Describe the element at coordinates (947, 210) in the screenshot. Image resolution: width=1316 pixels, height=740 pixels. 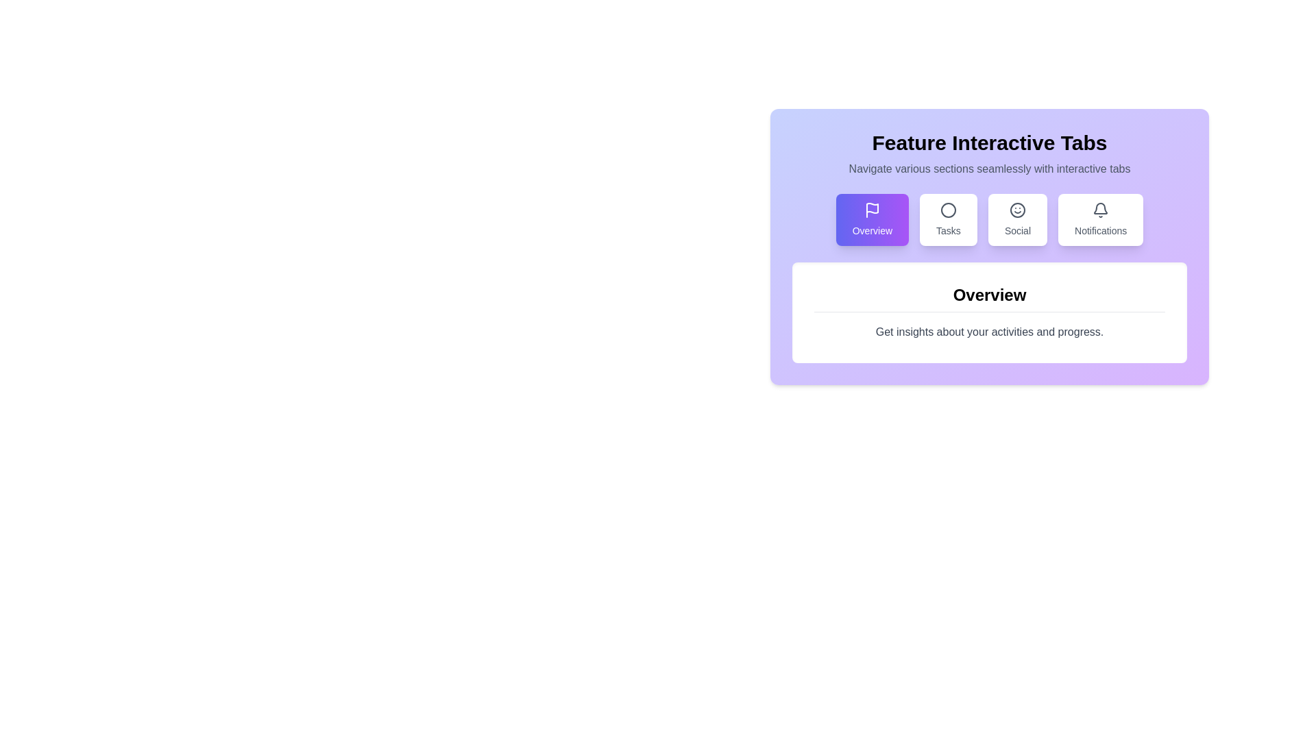
I see `the central circular component of the 'Tasks' tab icon, which is the second tab in a row of four located in the middle upper area of the visible card-like interface` at that location.